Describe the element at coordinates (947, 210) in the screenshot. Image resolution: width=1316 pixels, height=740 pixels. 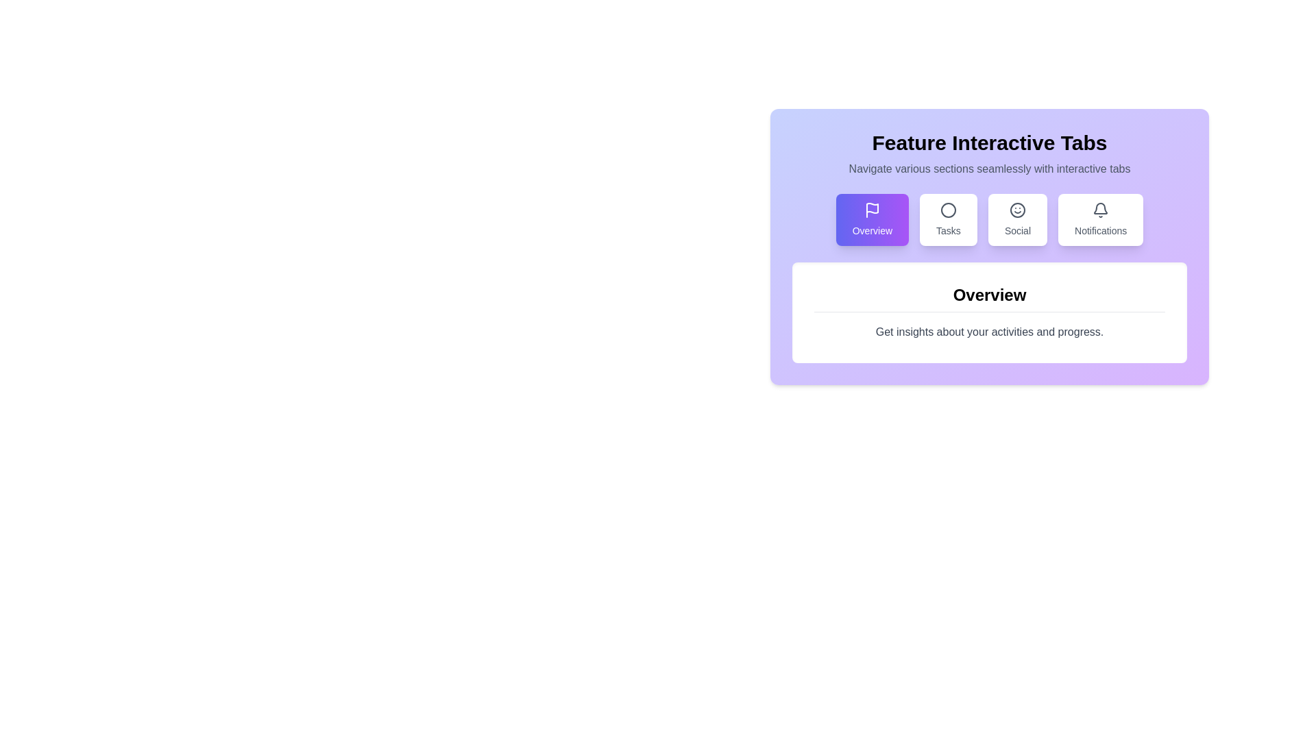
I see `the central circular component of the 'Tasks' tab icon, which is the second tab in a row of four located in the middle upper area of the visible card-like interface` at that location.